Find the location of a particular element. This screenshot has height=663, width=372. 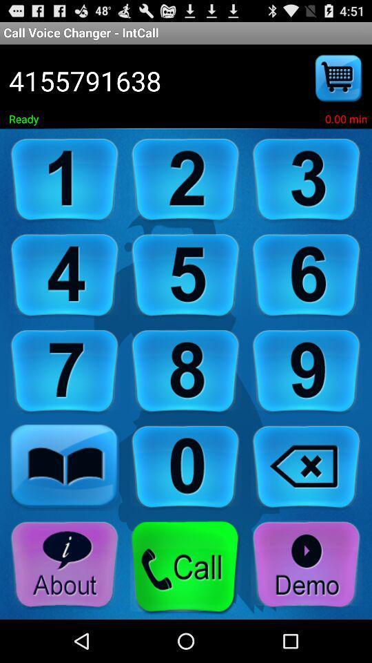

number 6 is located at coordinates (307, 275).